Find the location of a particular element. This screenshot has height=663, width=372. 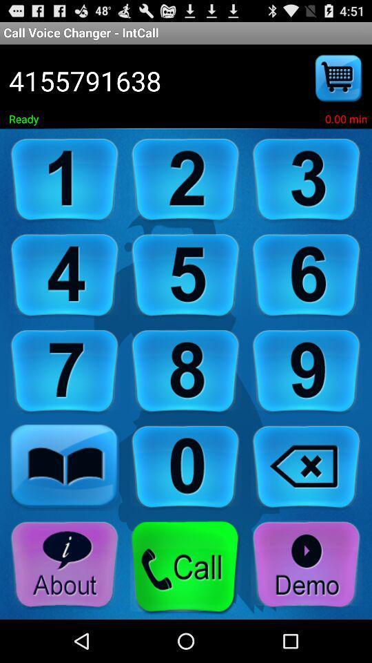

number 6 is located at coordinates (307, 275).